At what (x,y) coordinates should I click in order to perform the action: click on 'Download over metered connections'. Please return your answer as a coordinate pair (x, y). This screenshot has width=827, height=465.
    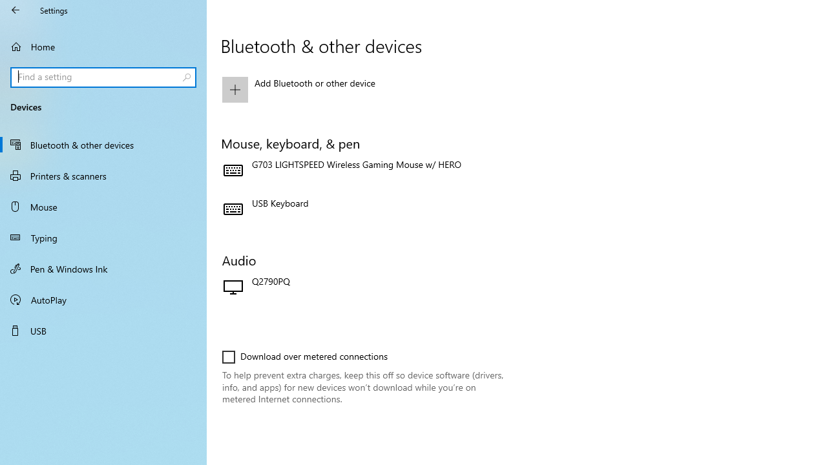
    Looking at the image, I should click on (304, 356).